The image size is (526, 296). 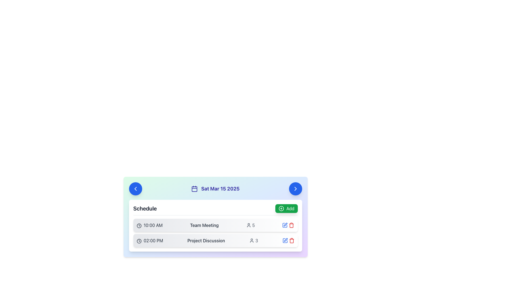 I want to click on information displayed in the composite element indicating the number of participants for the 'Project Discussion' event, located in the second row of the schedule list, to the right of the 'Project Discussion' text, so click(x=253, y=240).